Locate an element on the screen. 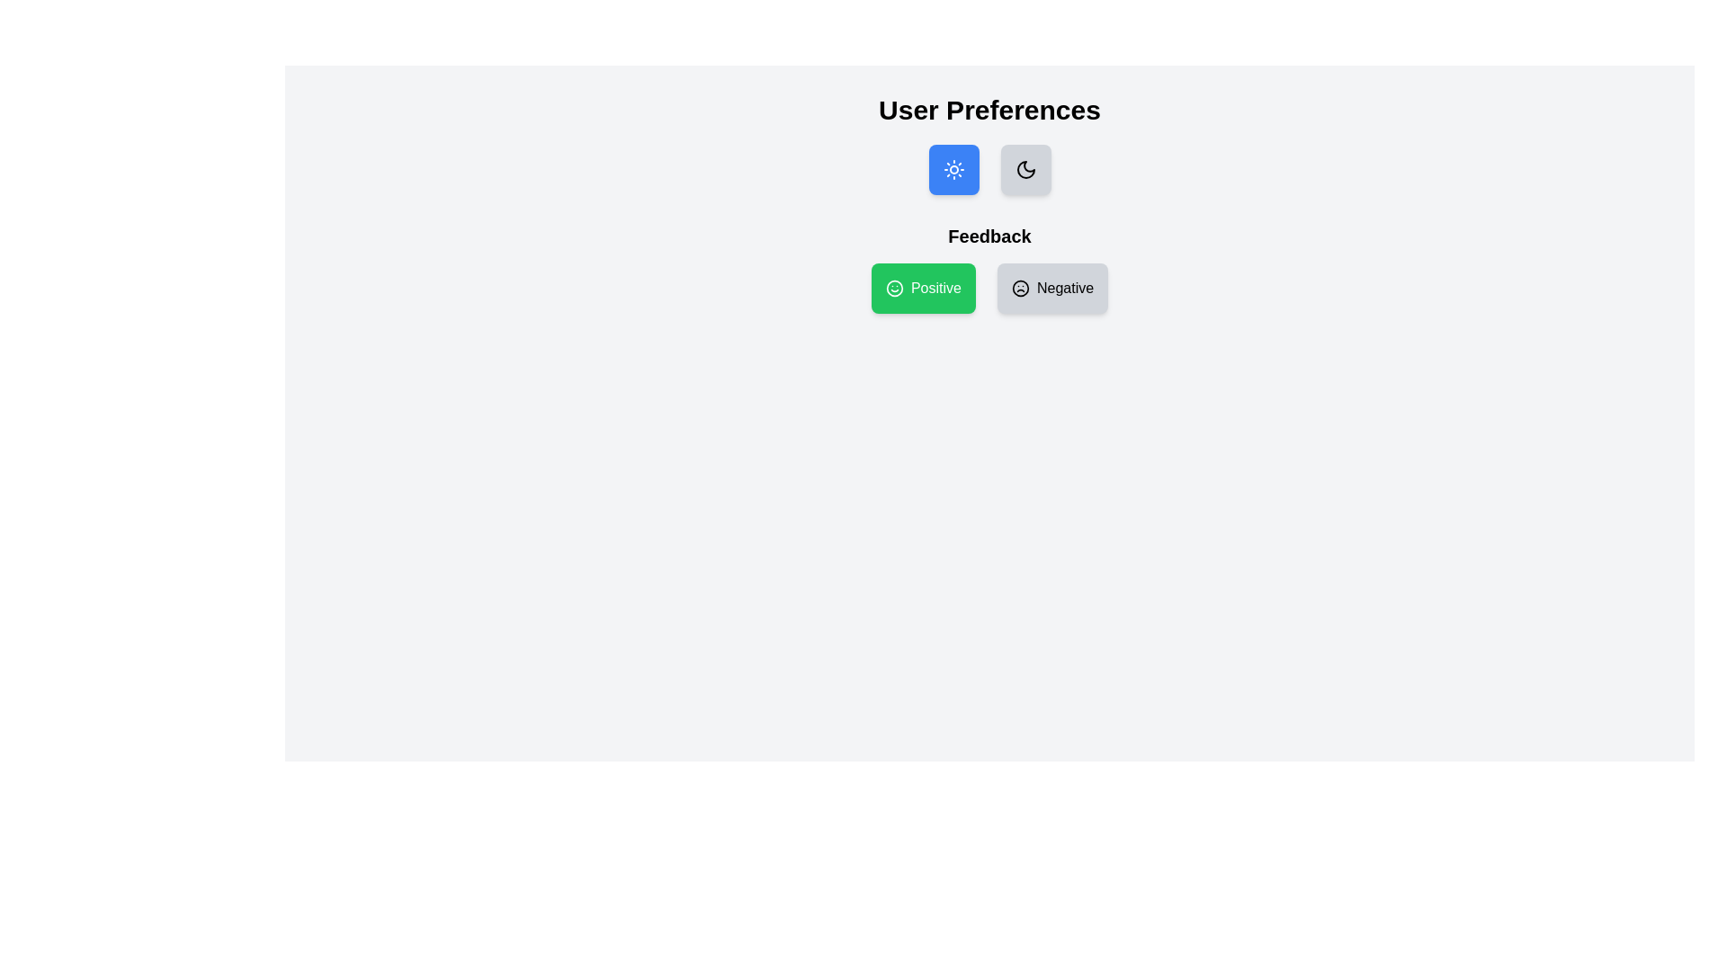  the positive feedback button located below the 'User Preferences' heading, to the left of the 'Negative' button is located at coordinates (924, 287).